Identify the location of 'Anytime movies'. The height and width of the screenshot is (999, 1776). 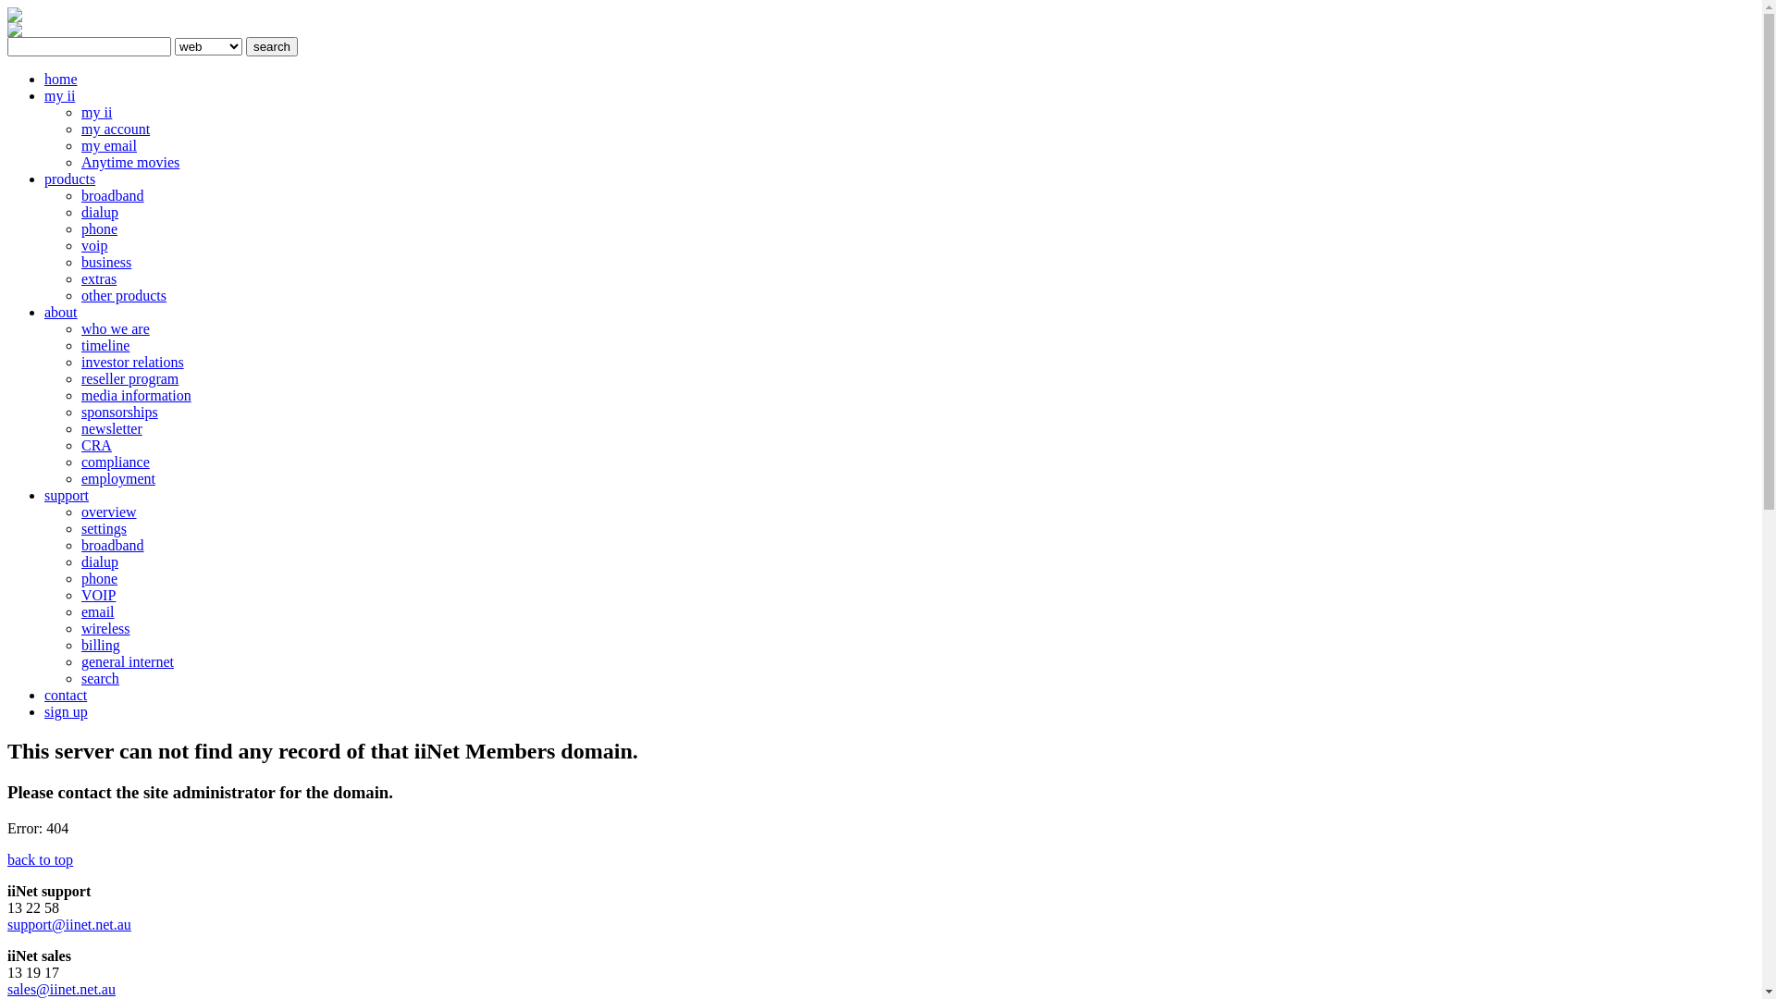
(80, 161).